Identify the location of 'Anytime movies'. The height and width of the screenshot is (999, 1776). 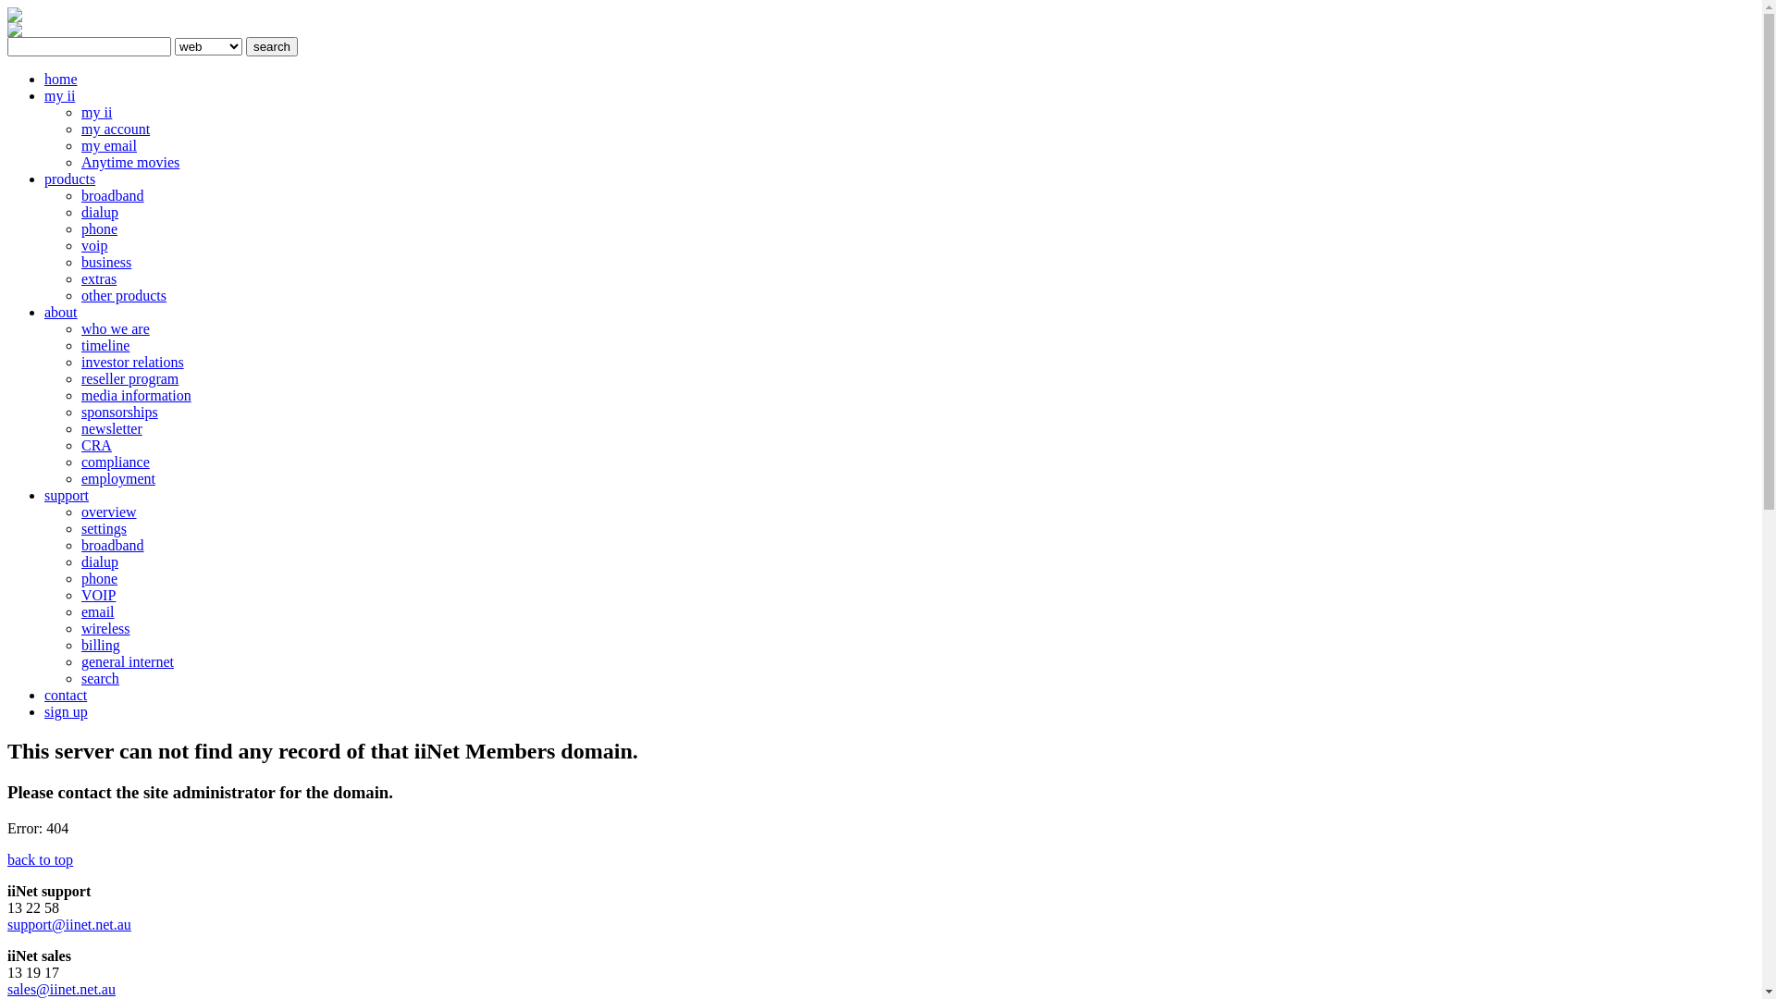
(80, 161).